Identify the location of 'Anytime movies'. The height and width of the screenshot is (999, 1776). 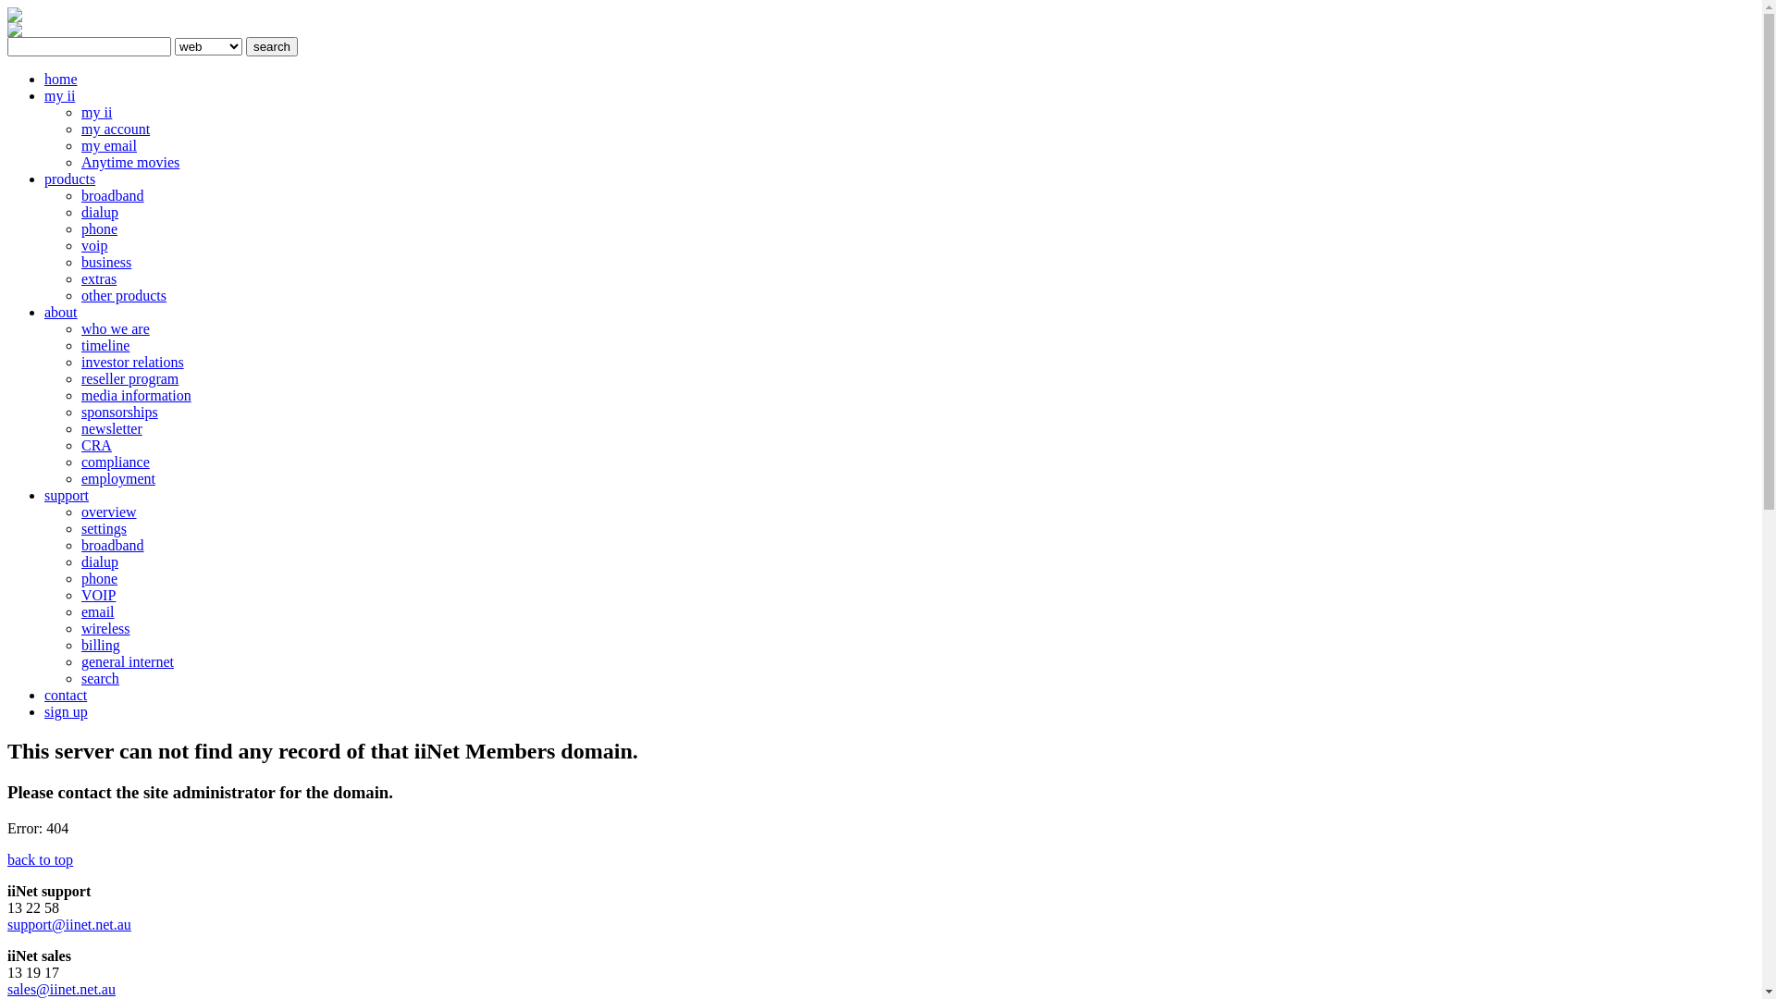
(80, 161).